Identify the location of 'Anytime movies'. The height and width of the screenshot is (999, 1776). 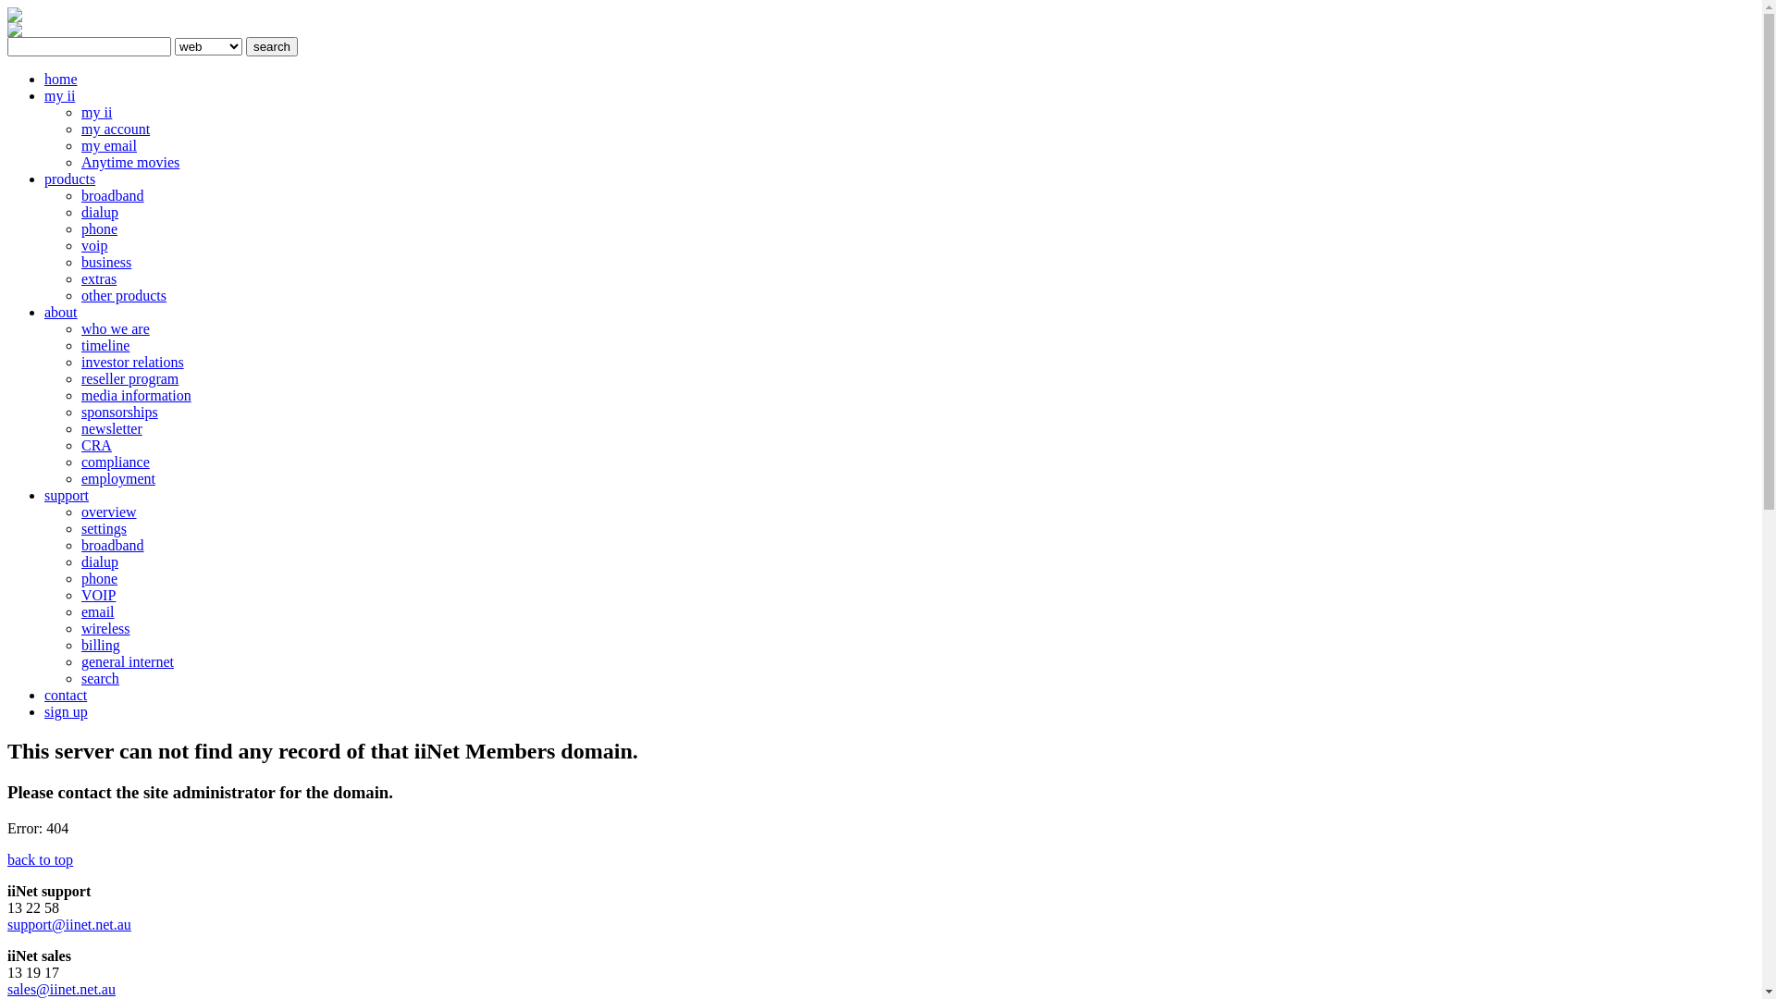
(80, 161).